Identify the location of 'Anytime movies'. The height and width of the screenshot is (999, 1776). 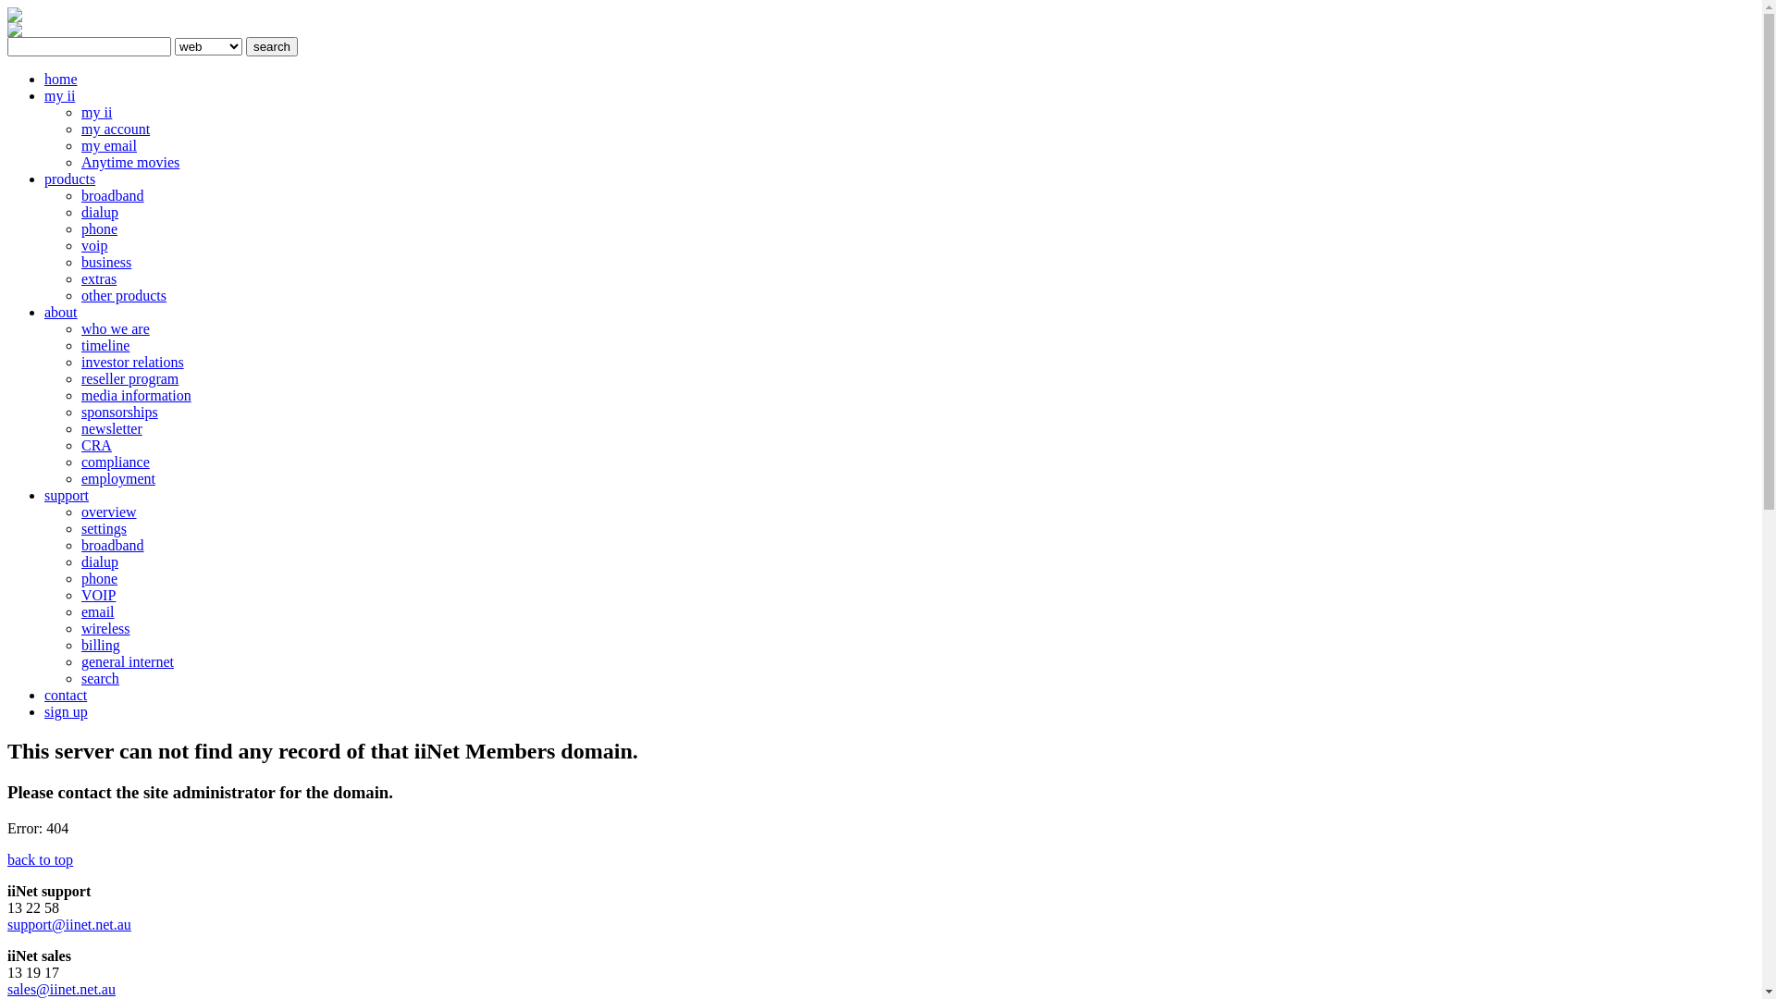
(80, 161).